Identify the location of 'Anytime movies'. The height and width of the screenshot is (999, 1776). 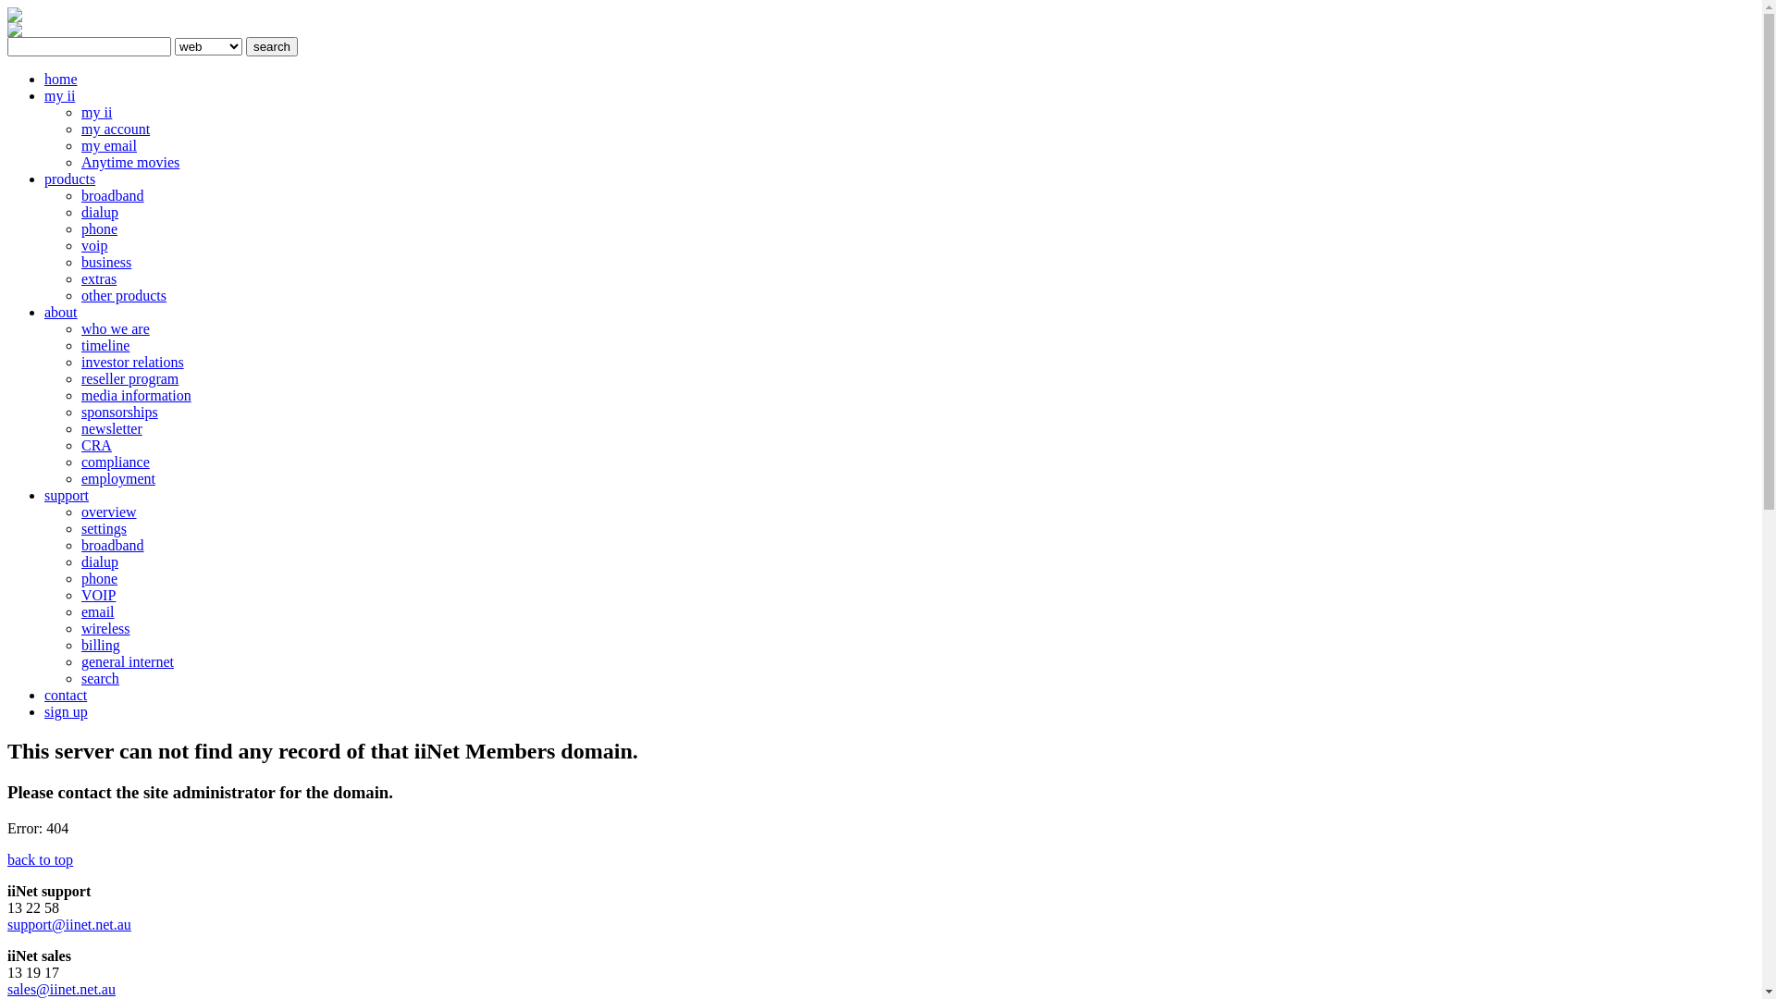
(80, 161).